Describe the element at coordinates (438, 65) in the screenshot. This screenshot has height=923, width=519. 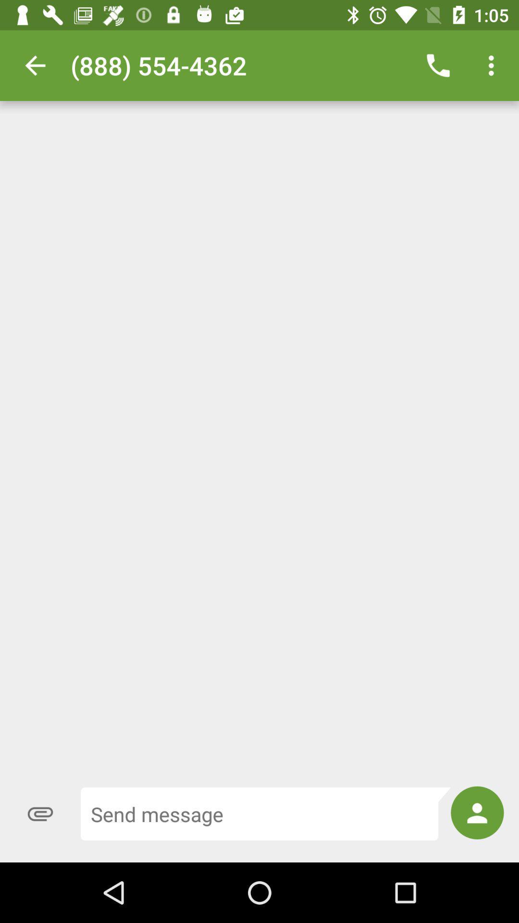
I see `icon to the right of the (888) 554-4362 item` at that location.